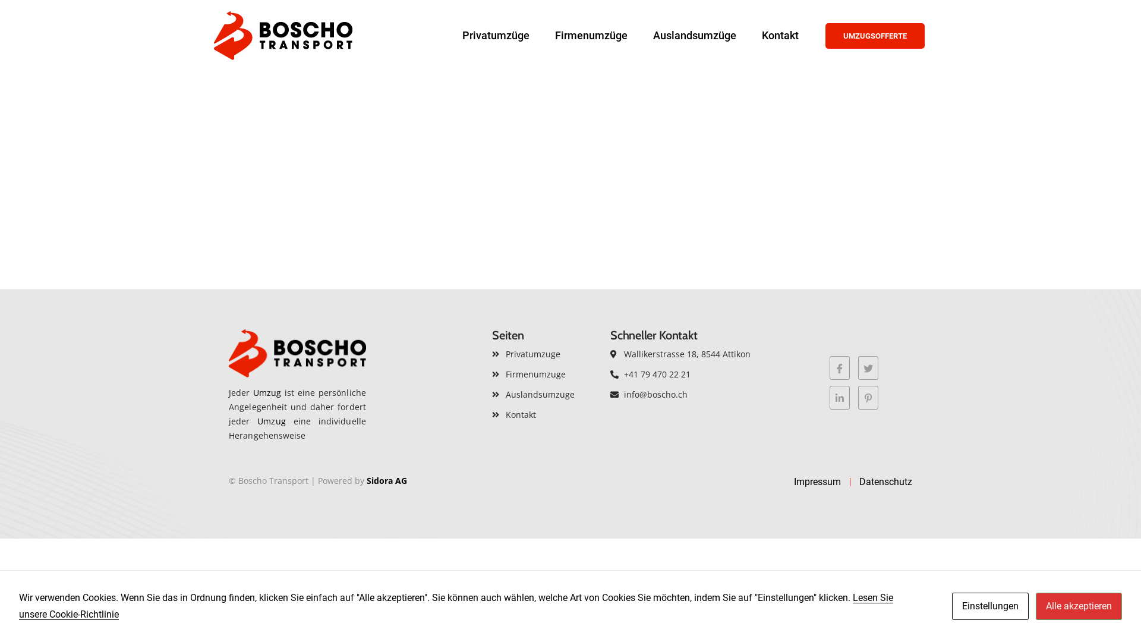 Image resolution: width=1141 pixels, height=642 pixels. Describe the element at coordinates (1079, 606) in the screenshot. I see `'Alle akzeptieren'` at that location.